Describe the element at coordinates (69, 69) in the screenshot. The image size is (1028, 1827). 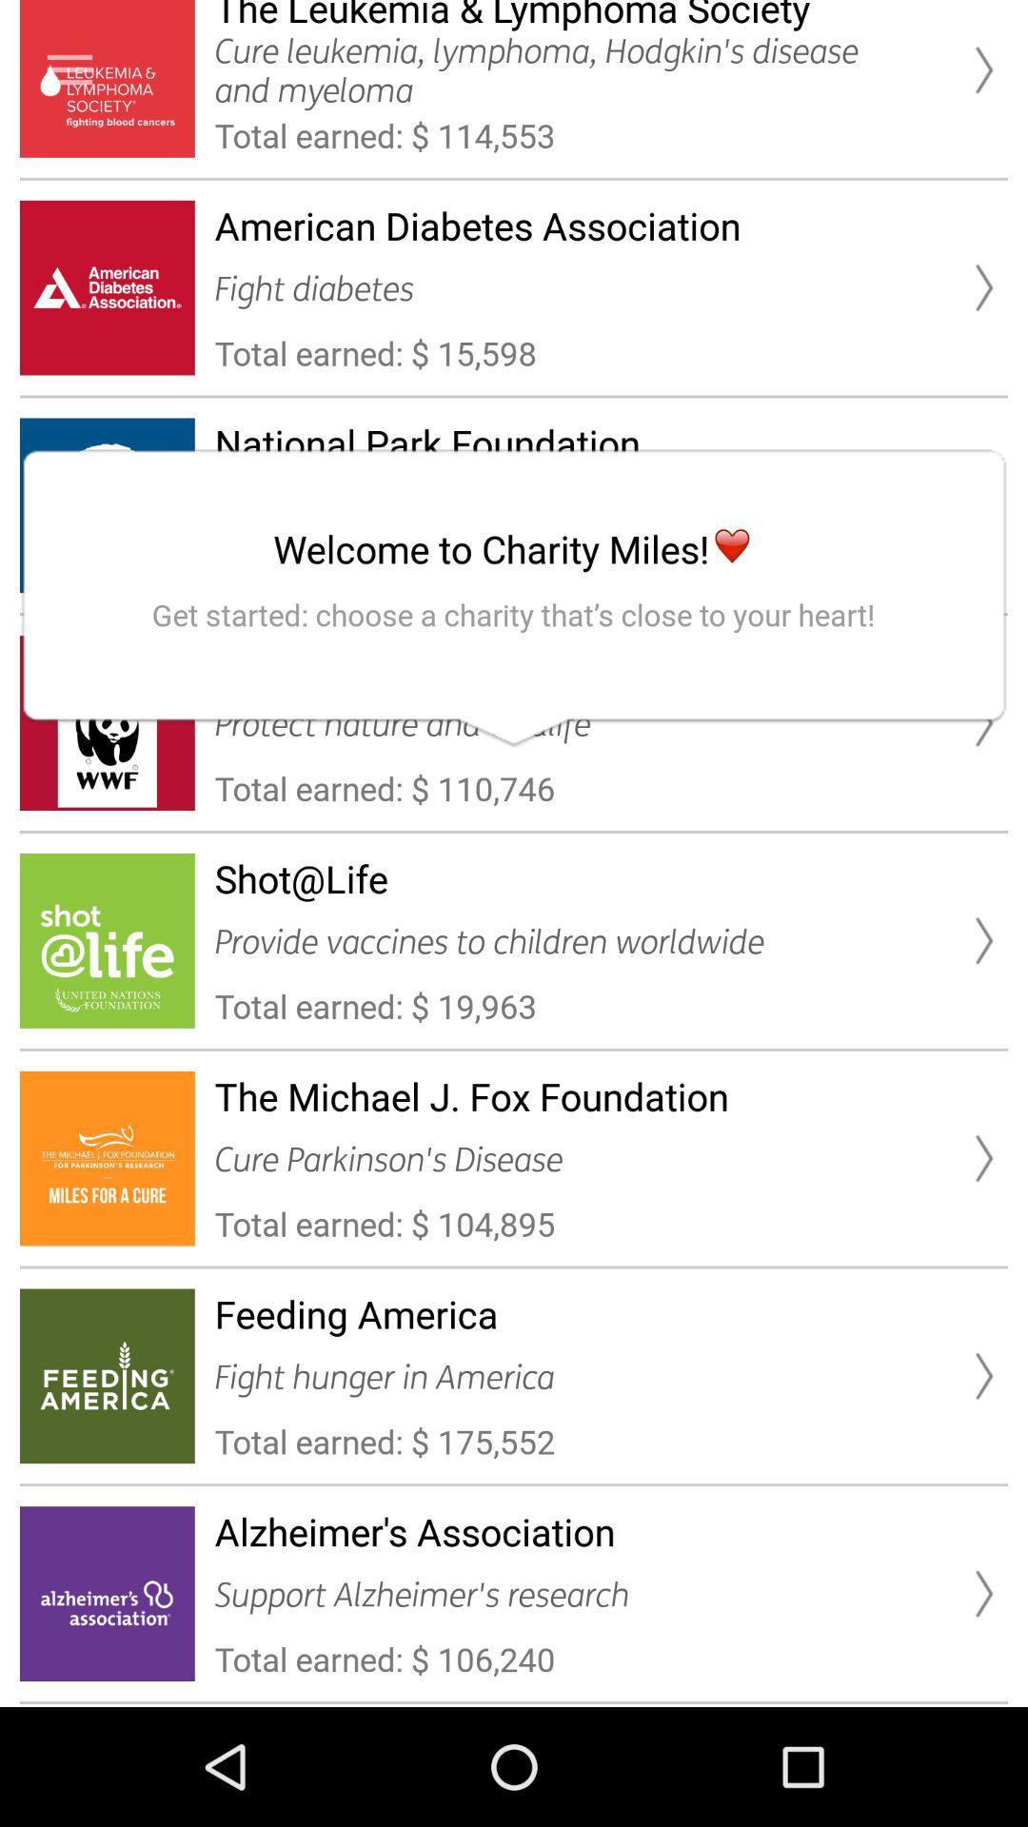
I see `advertisement page` at that location.